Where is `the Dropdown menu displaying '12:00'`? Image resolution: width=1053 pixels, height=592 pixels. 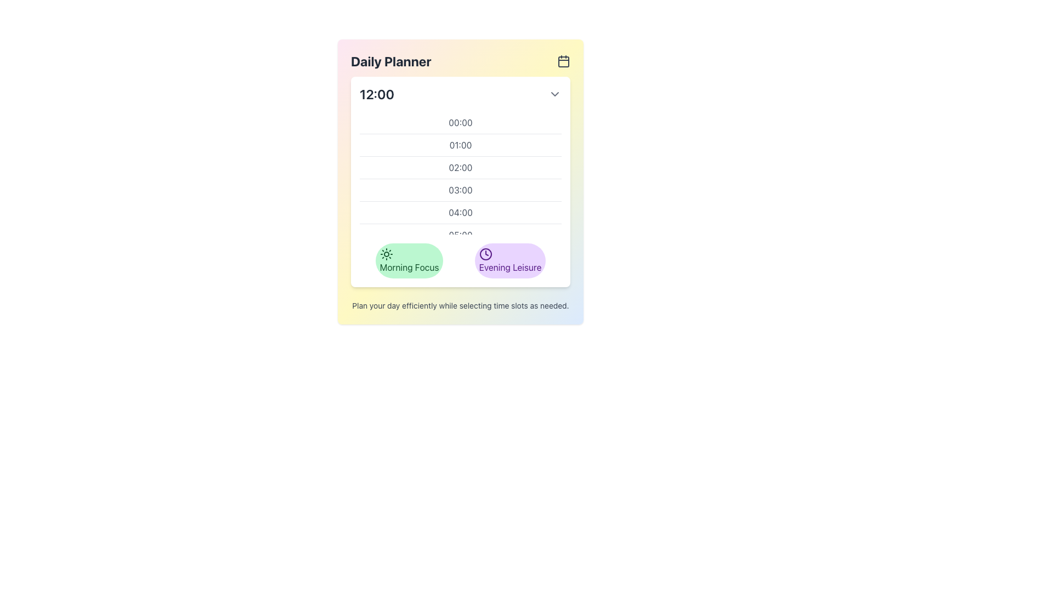
the Dropdown menu displaying '12:00' is located at coordinates (461, 94).